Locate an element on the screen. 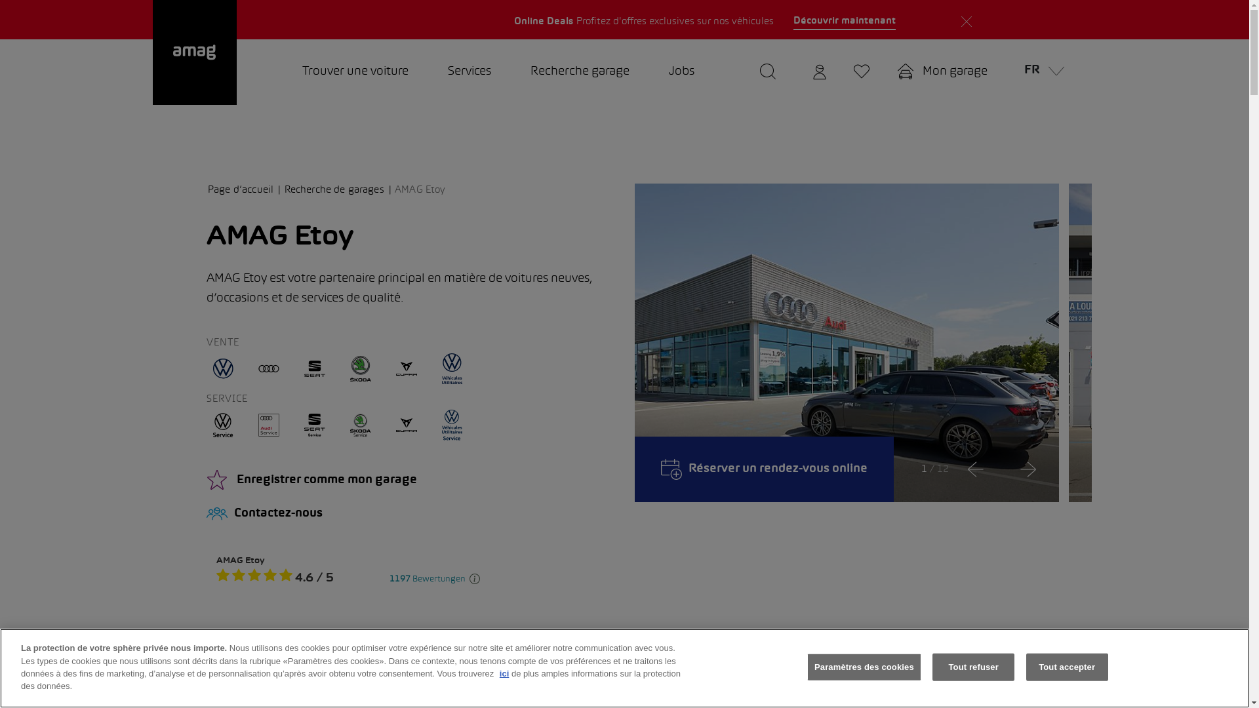 The width and height of the screenshot is (1259, 708). 'Trouver une voiture' is located at coordinates (355, 72).